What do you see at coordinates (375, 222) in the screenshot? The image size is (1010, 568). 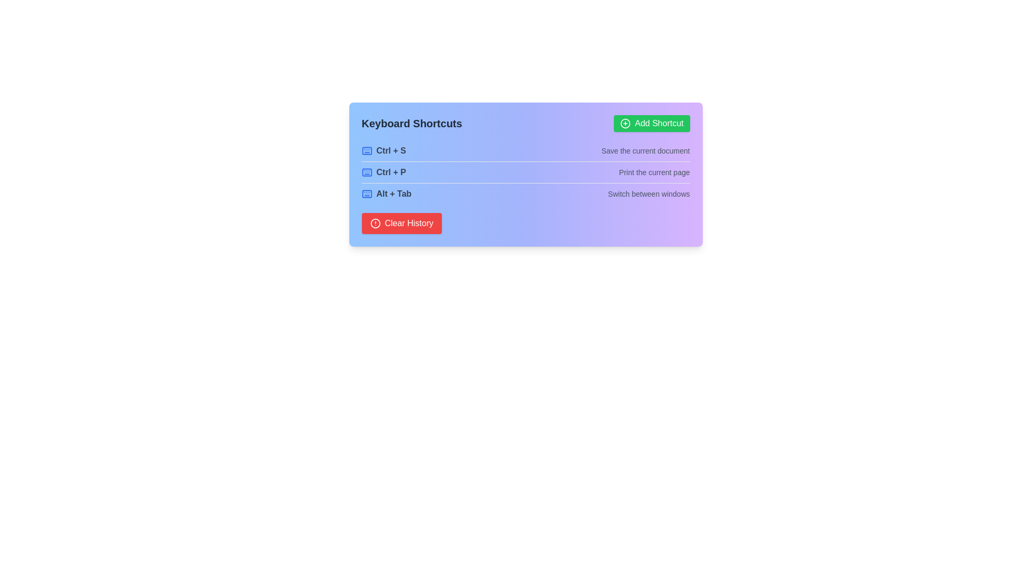 I see `the circular alert icon styled as a warning or alert indicator located at the bottom-right corner of the 'Clear History' button` at bounding box center [375, 222].